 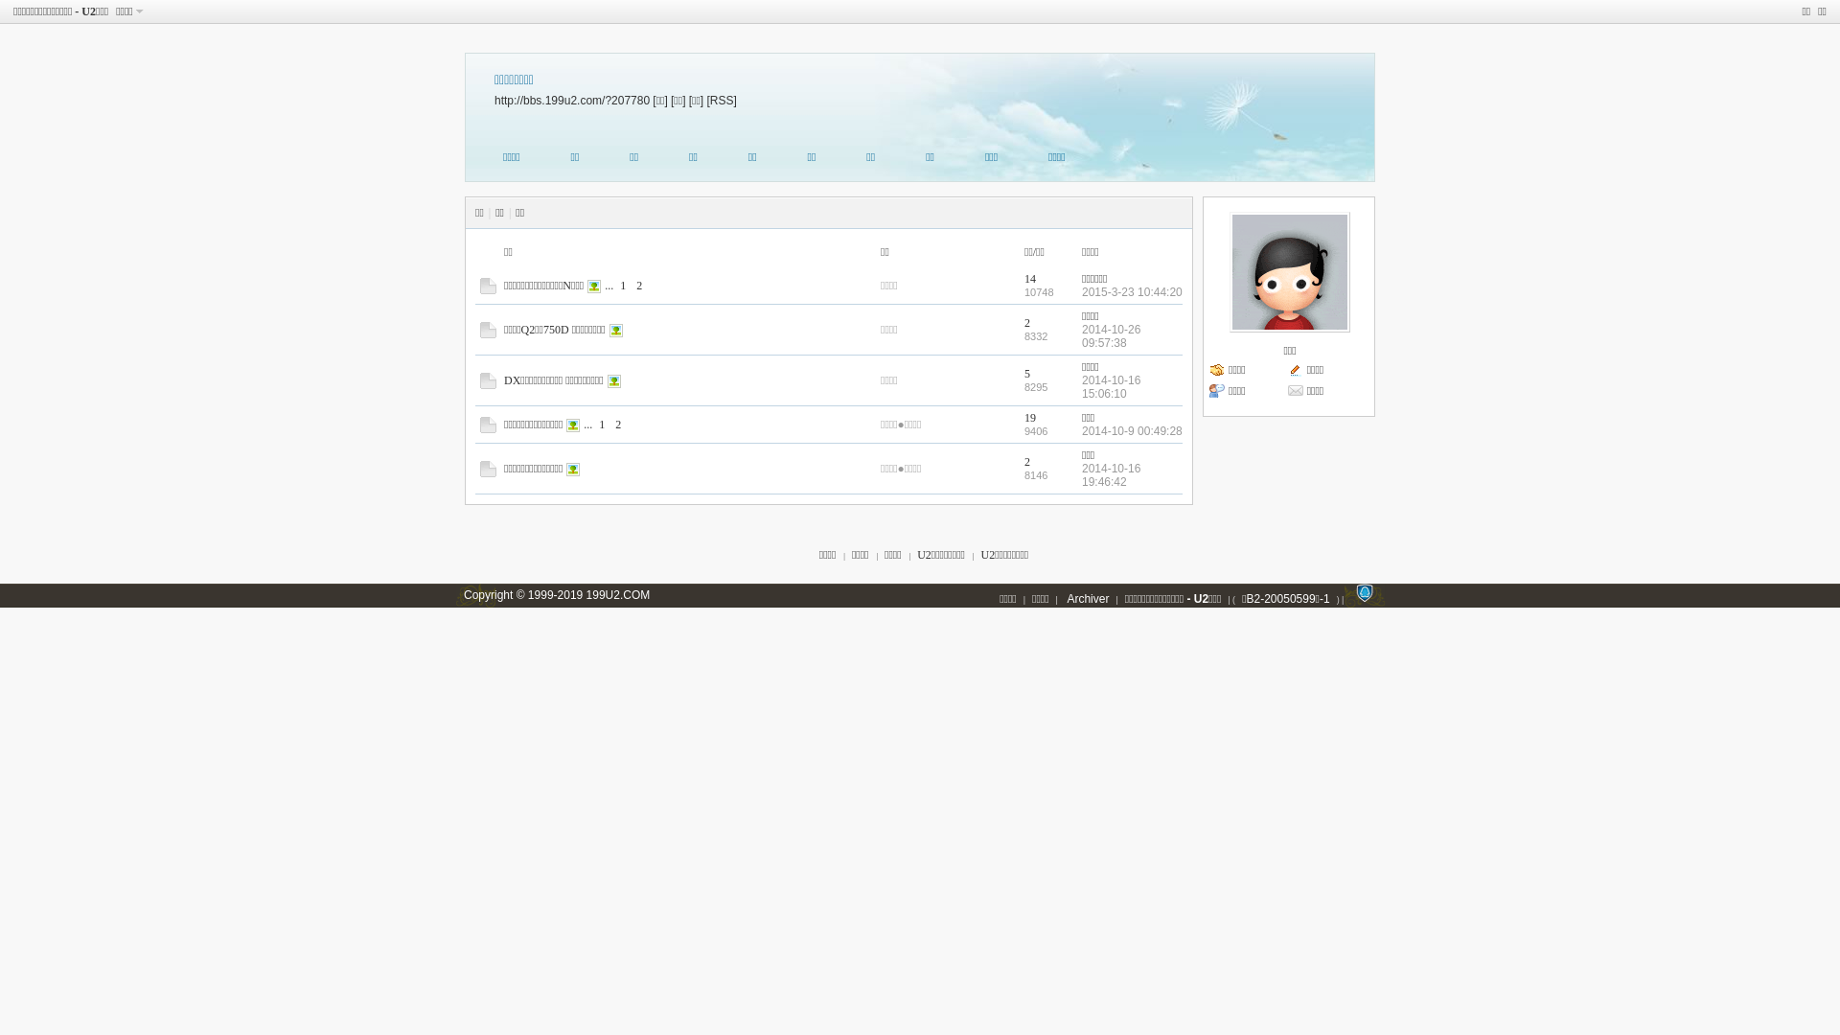 I want to click on '2014-10-9 00:49:28', so click(x=1132, y=431).